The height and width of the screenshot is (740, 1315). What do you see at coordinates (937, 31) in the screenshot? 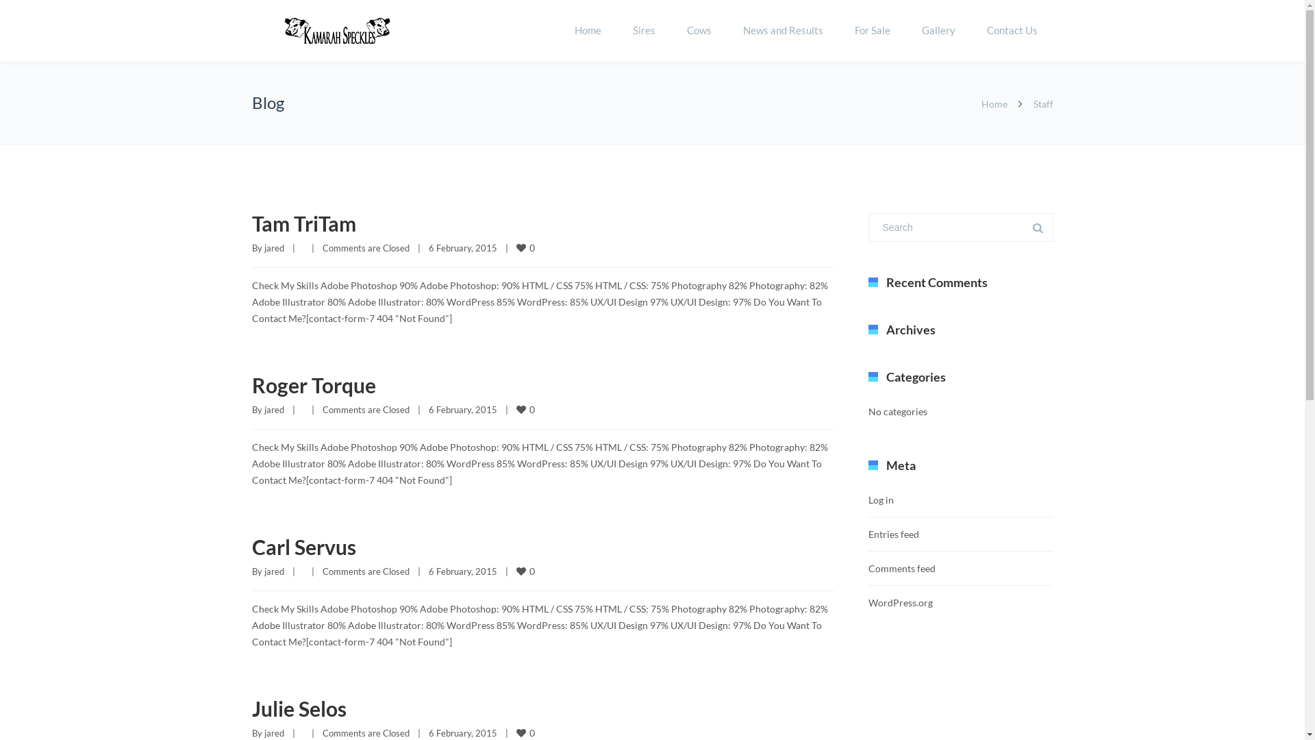
I see `'Gallery'` at bounding box center [937, 31].